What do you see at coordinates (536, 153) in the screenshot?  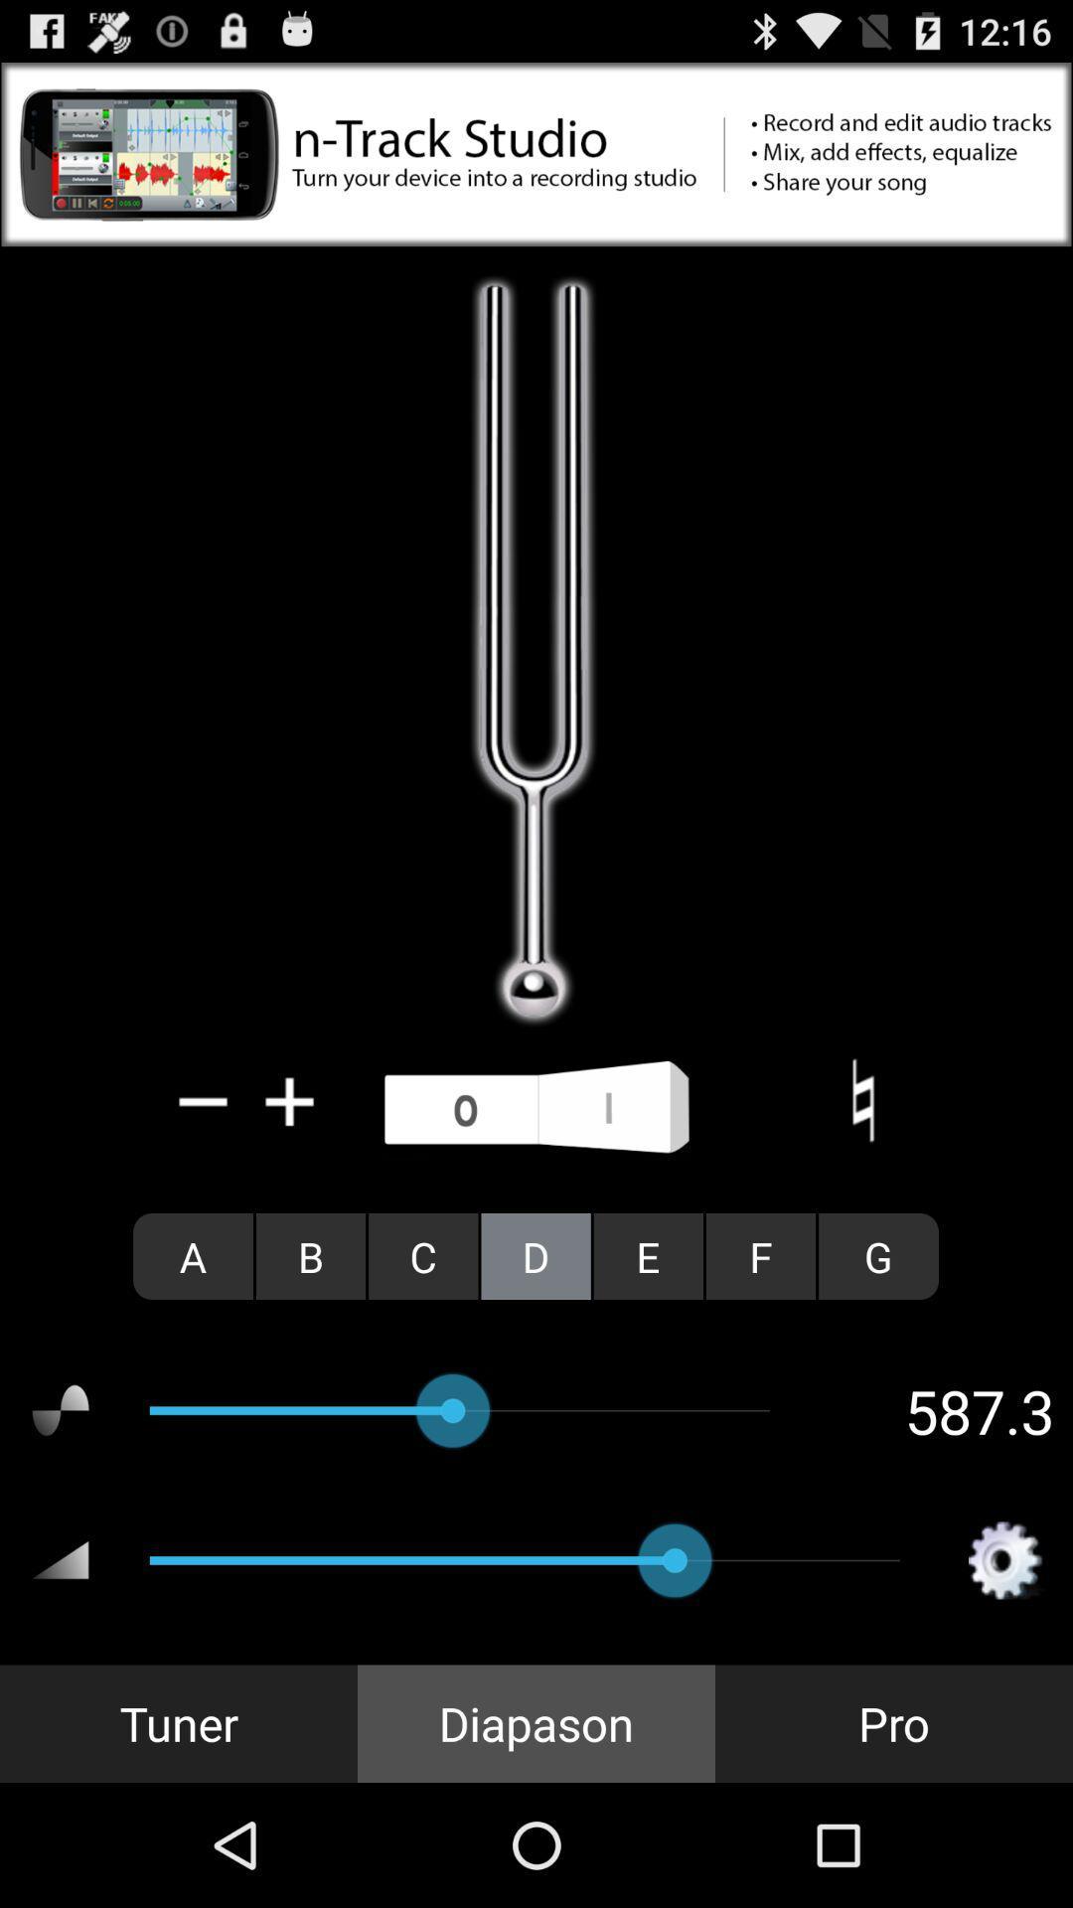 I see `advertisement` at bounding box center [536, 153].